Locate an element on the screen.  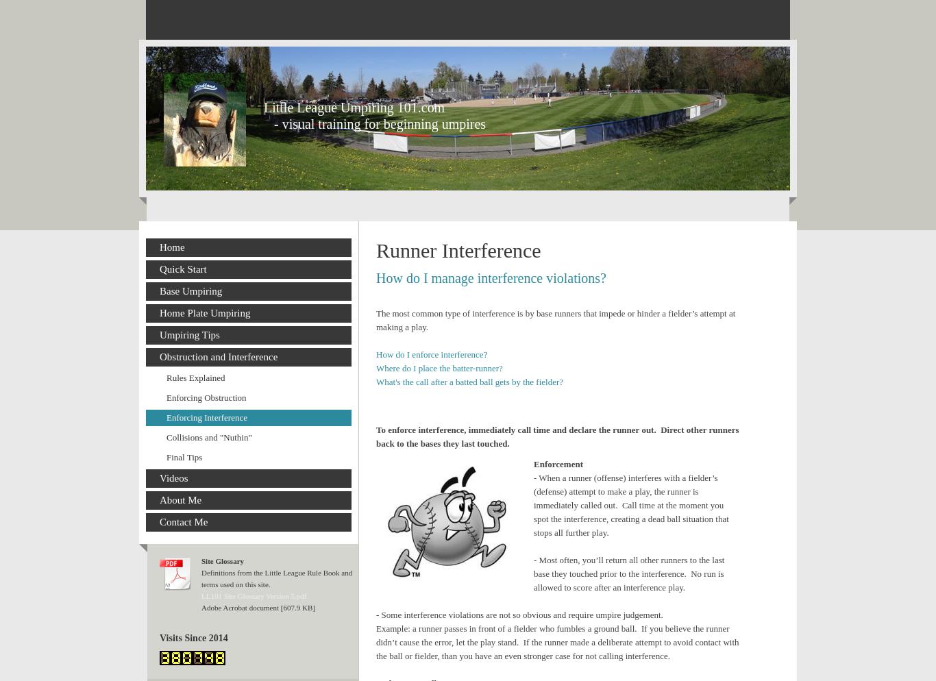
'Obstruction and Interference' is located at coordinates (160, 356).